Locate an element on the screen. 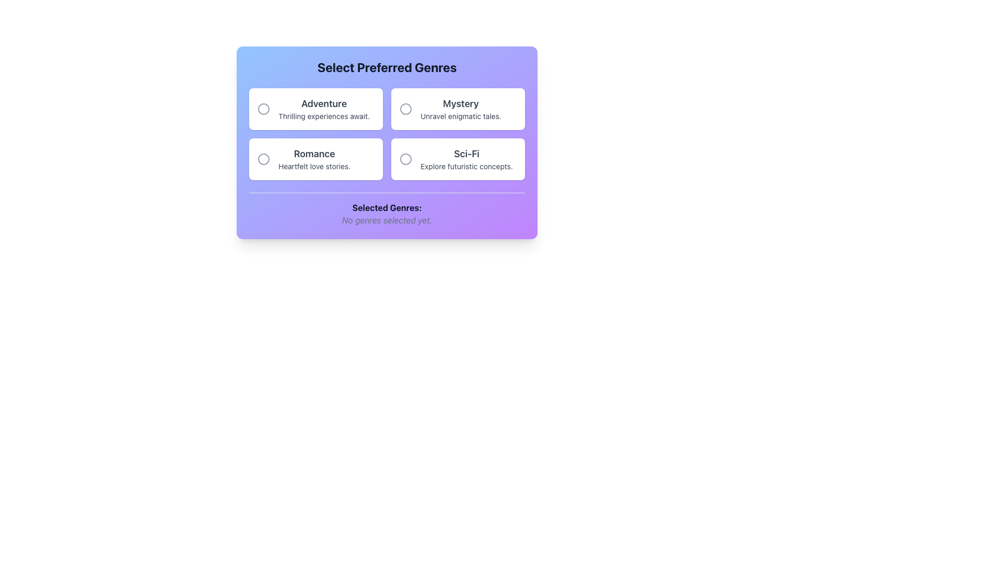 The width and height of the screenshot is (1003, 564). the text label 'Unravel enigmatic tales.' which provides context for the 'Mystery' genre option, located below the heading in the top-right quadrant of the selection panel is located at coordinates (460, 116).